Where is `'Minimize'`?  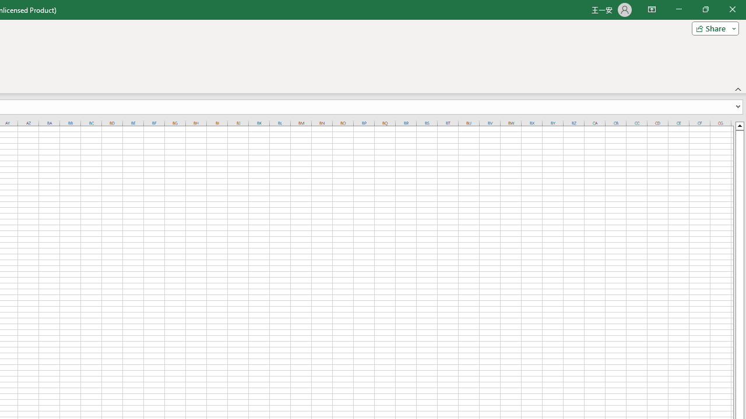
'Minimize' is located at coordinates (678, 9).